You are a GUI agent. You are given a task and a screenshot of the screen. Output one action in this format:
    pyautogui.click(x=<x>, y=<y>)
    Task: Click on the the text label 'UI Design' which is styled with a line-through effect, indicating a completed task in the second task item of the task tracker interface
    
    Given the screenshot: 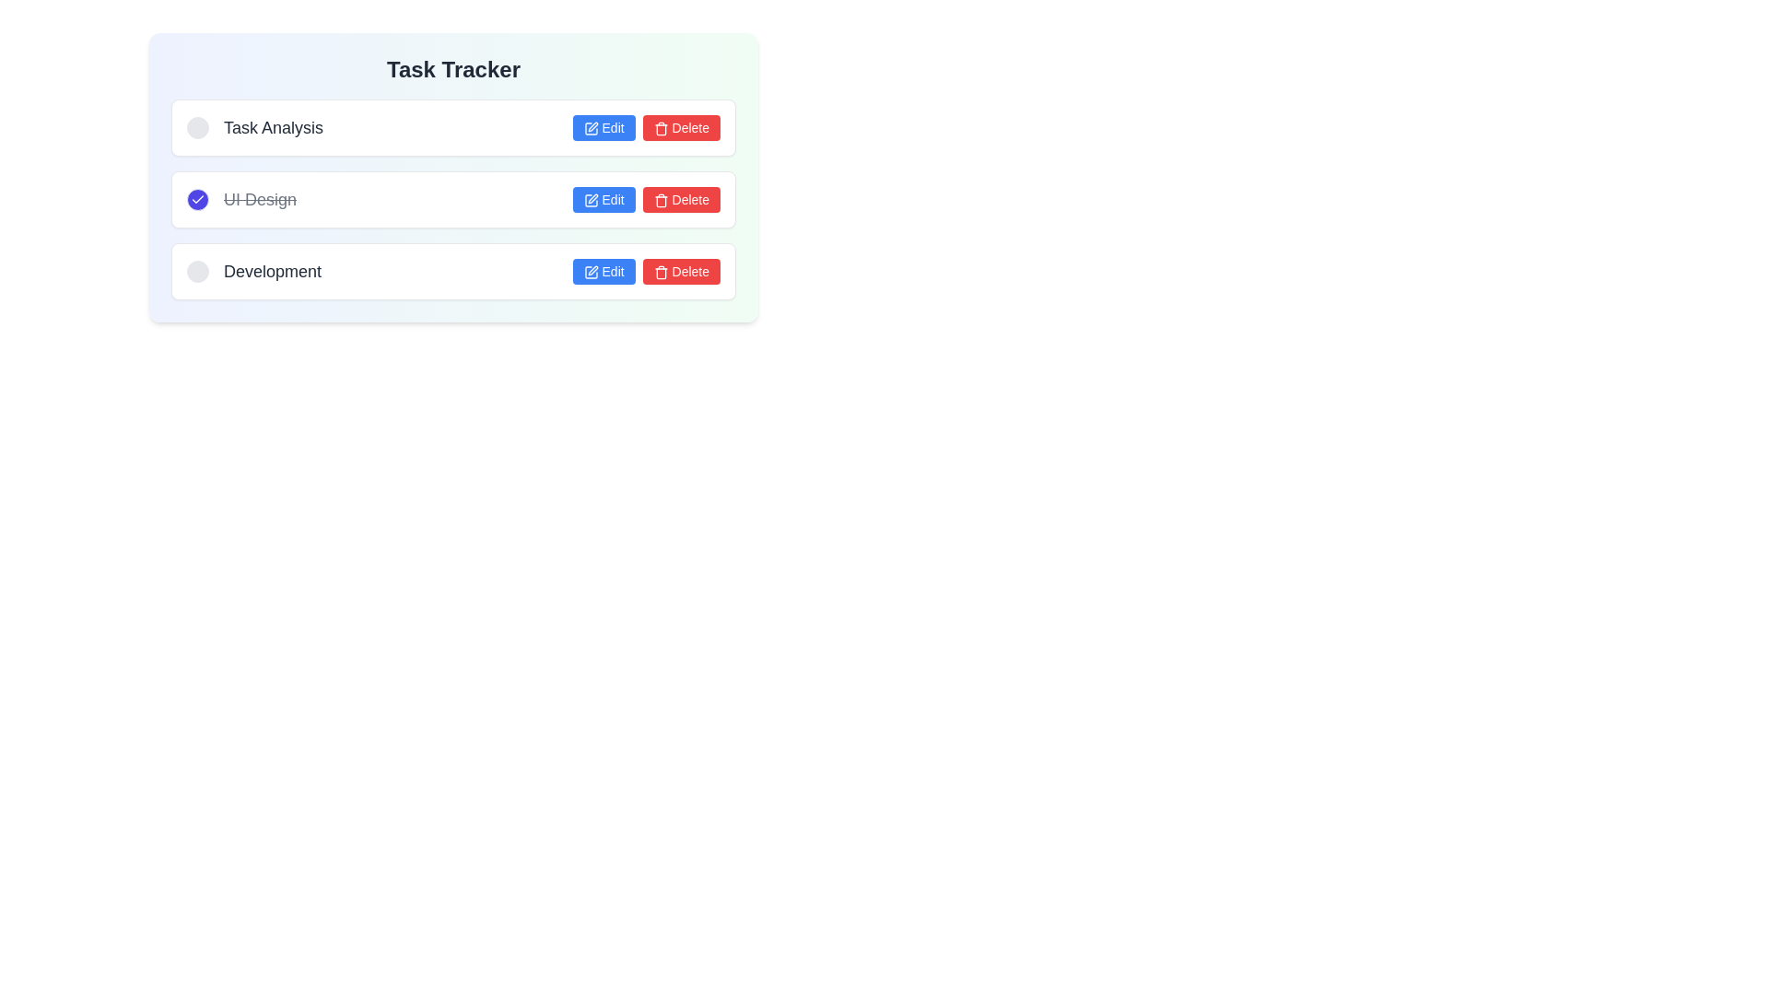 What is the action you would take?
    pyautogui.click(x=259, y=199)
    